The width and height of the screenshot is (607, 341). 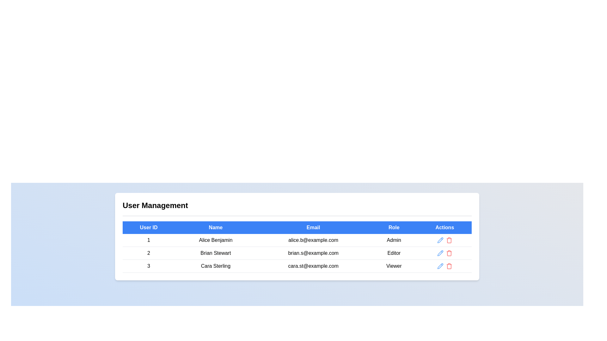 I want to click on the small red trash can icon in the 'Actions' column of the user management table, so click(x=449, y=253).